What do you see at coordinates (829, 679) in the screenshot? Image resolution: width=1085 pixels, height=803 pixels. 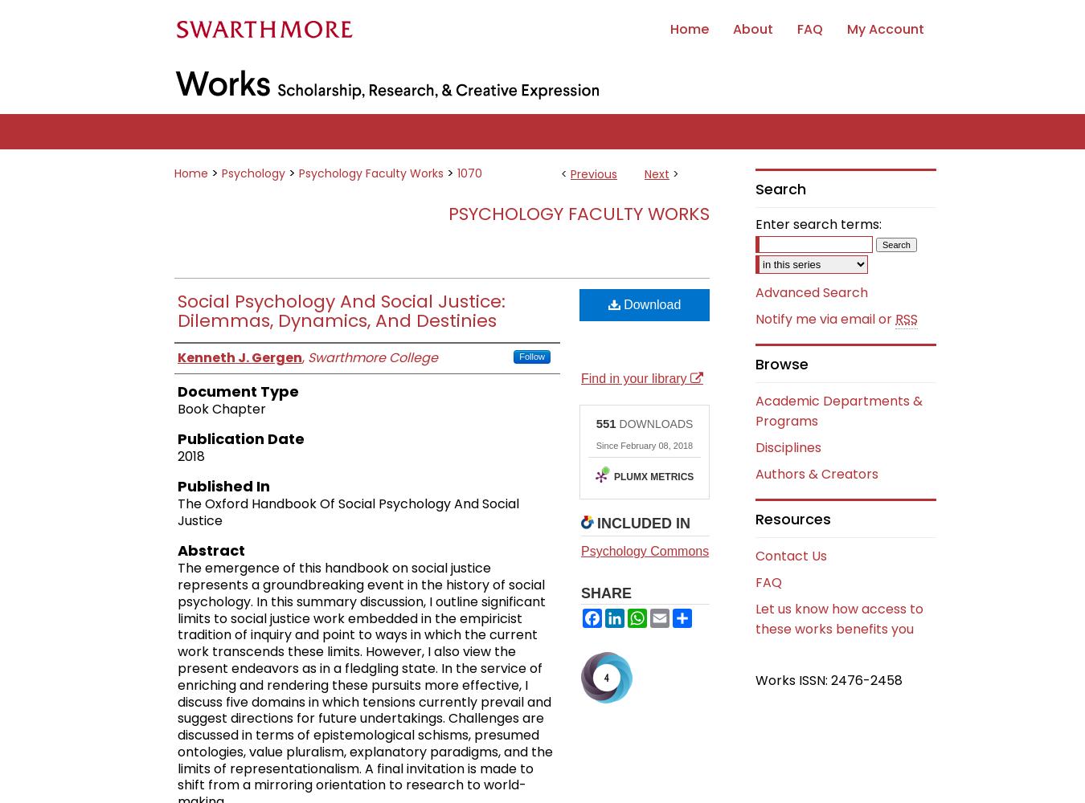 I see `'Works ISSN: 2476-2458'` at bounding box center [829, 679].